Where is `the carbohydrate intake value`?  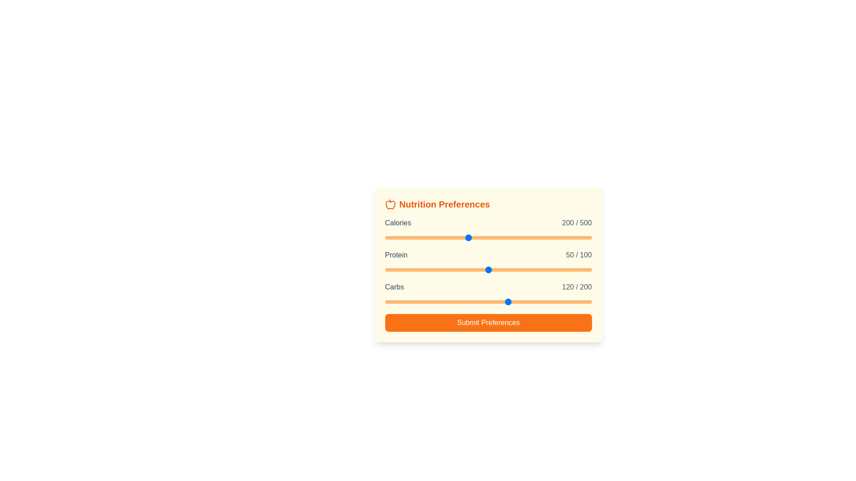 the carbohydrate intake value is located at coordinates (388, 302).